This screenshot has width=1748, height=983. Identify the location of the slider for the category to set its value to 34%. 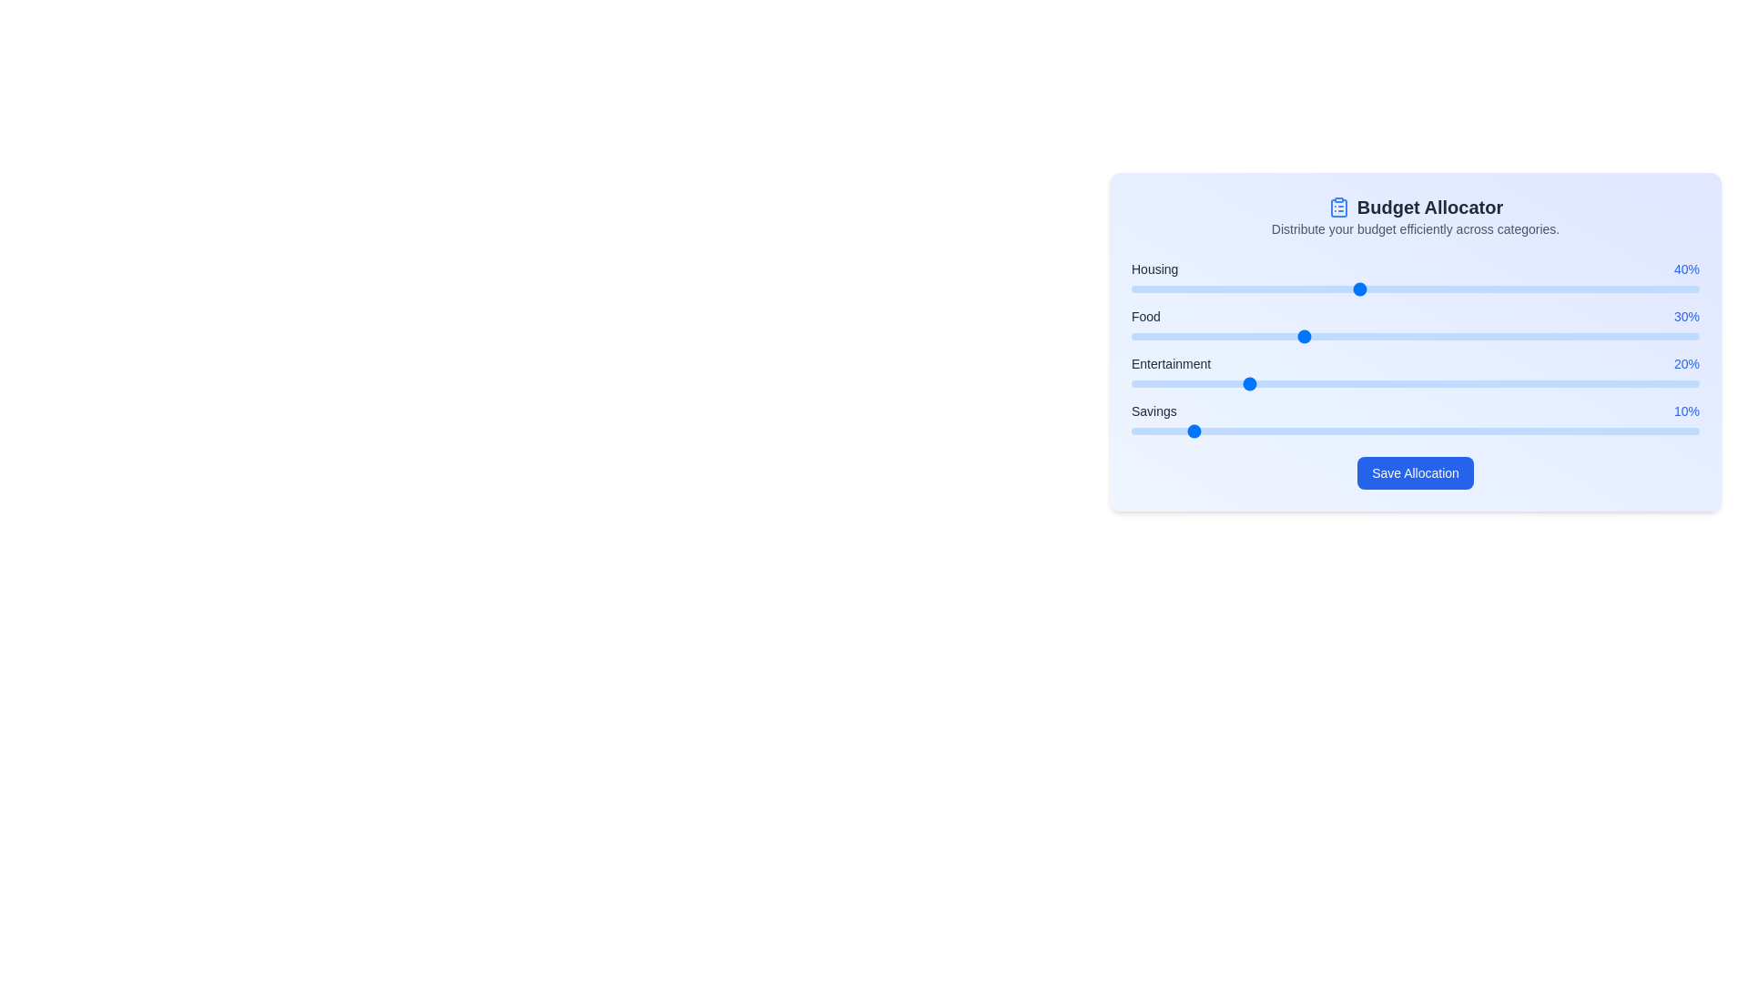
(1325, 288).